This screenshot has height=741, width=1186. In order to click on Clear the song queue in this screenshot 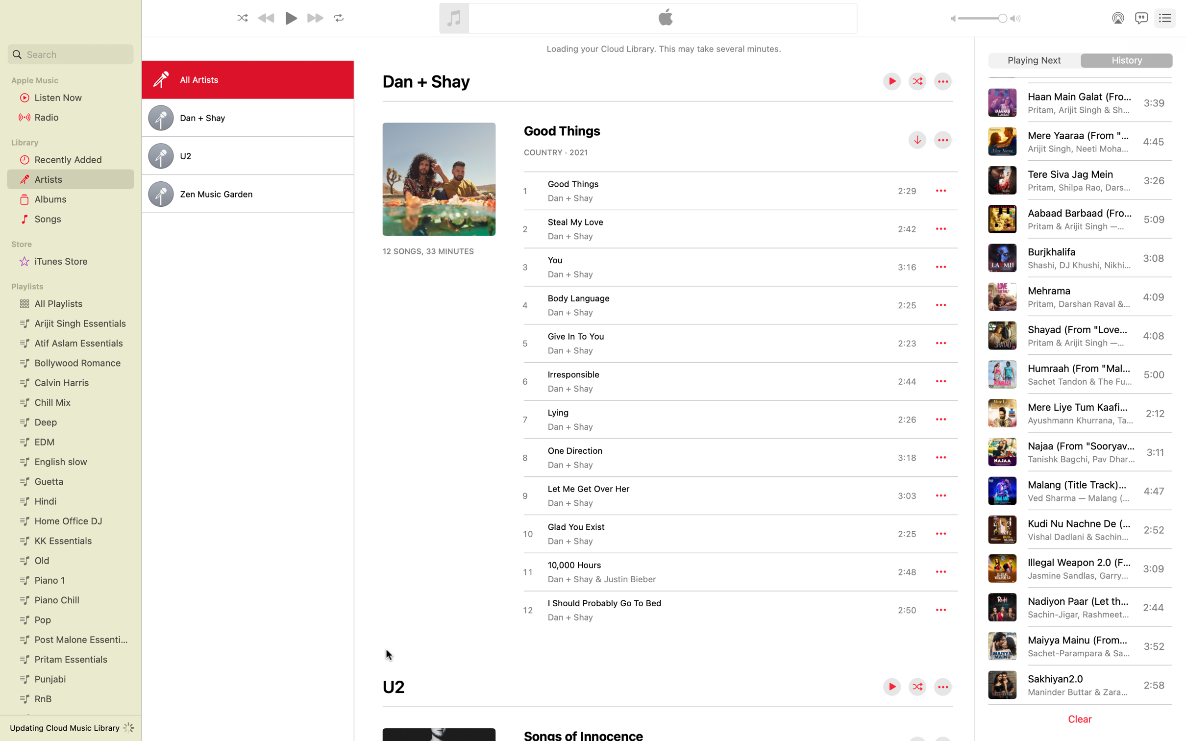, I will do `click(1082, 719)`.